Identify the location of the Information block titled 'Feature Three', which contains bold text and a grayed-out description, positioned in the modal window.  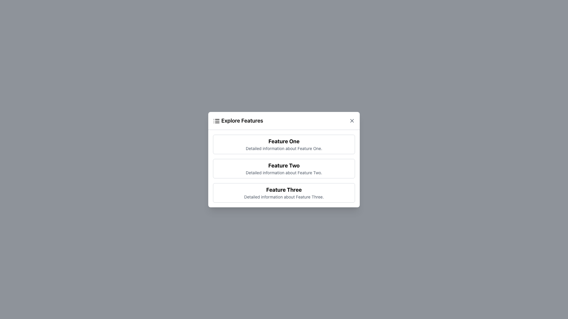
(284, 193).